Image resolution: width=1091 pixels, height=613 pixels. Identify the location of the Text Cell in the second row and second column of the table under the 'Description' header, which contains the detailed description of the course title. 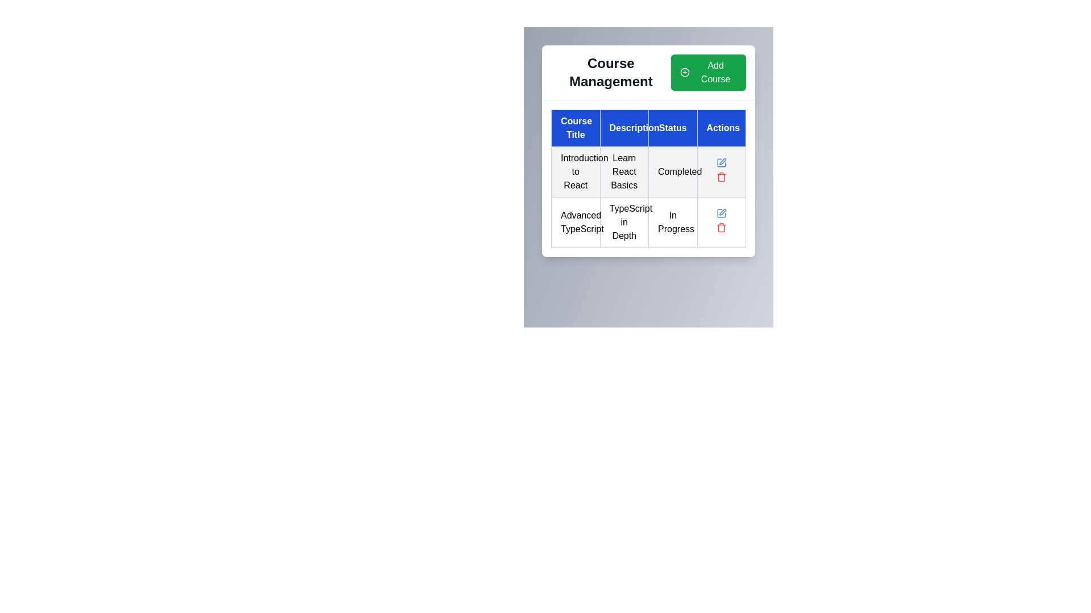
(623, 222).